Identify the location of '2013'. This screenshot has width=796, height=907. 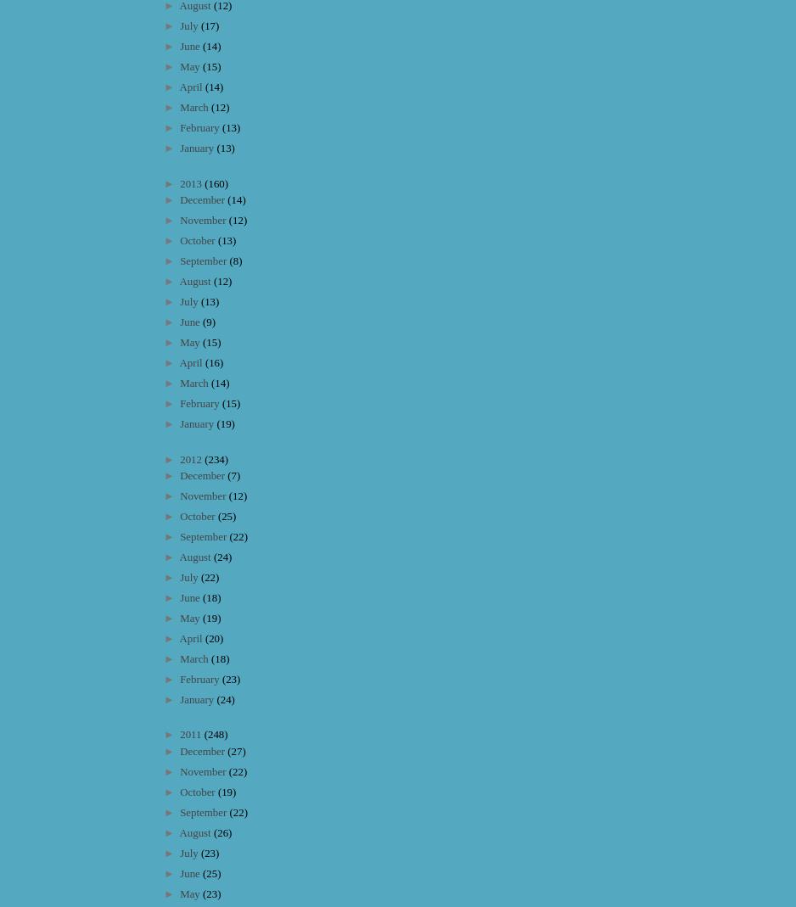
(192, 182).